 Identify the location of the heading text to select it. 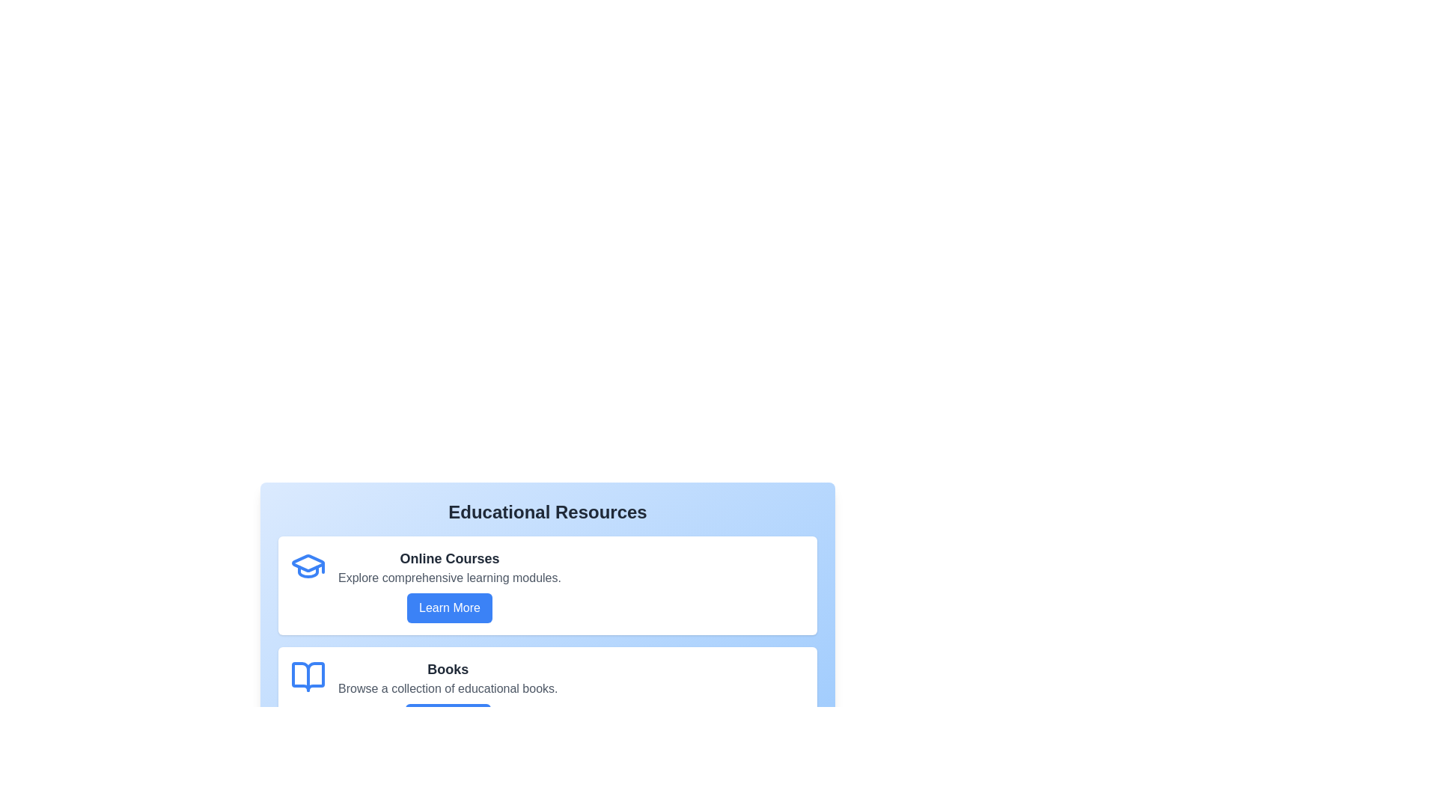
(546, 512).